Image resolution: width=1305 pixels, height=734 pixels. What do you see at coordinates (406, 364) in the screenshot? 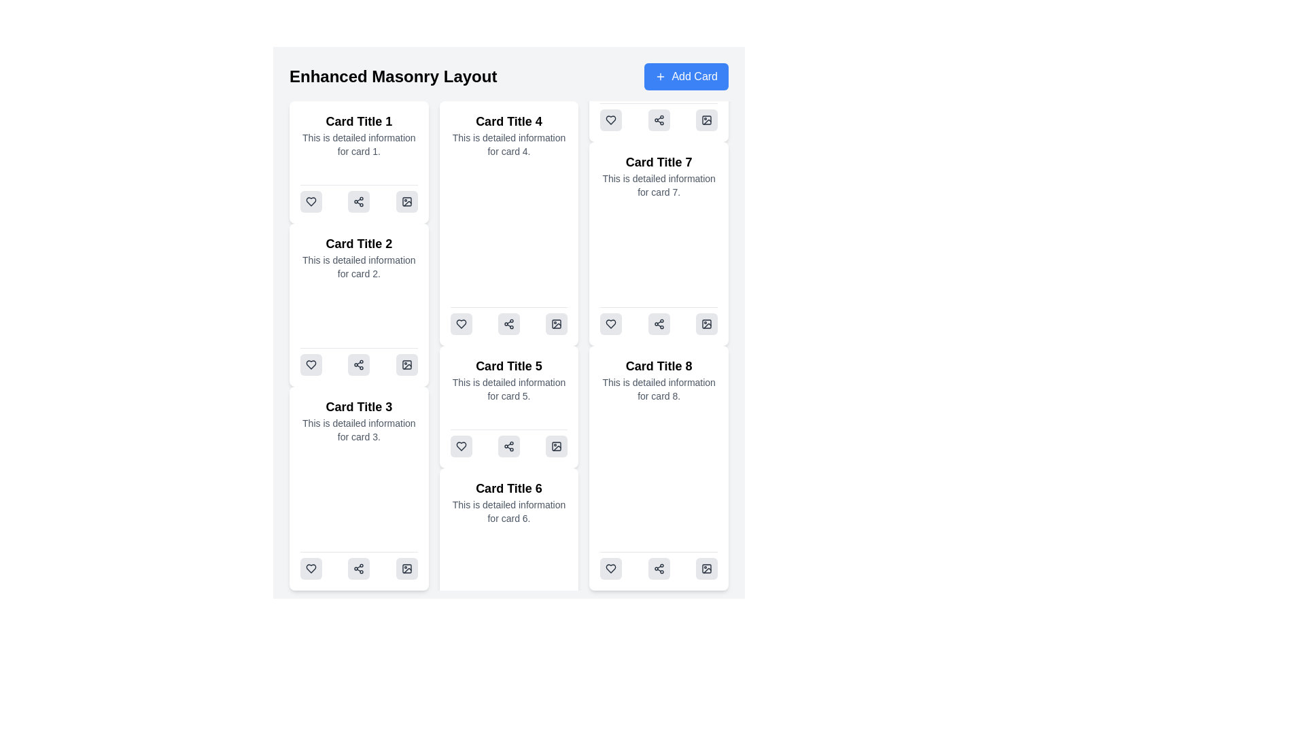
I see `the image-related action button, which is the third icon in the set of three action icons located at the bottom section of 'Card Title 2'` at bounding box center [406, 364].